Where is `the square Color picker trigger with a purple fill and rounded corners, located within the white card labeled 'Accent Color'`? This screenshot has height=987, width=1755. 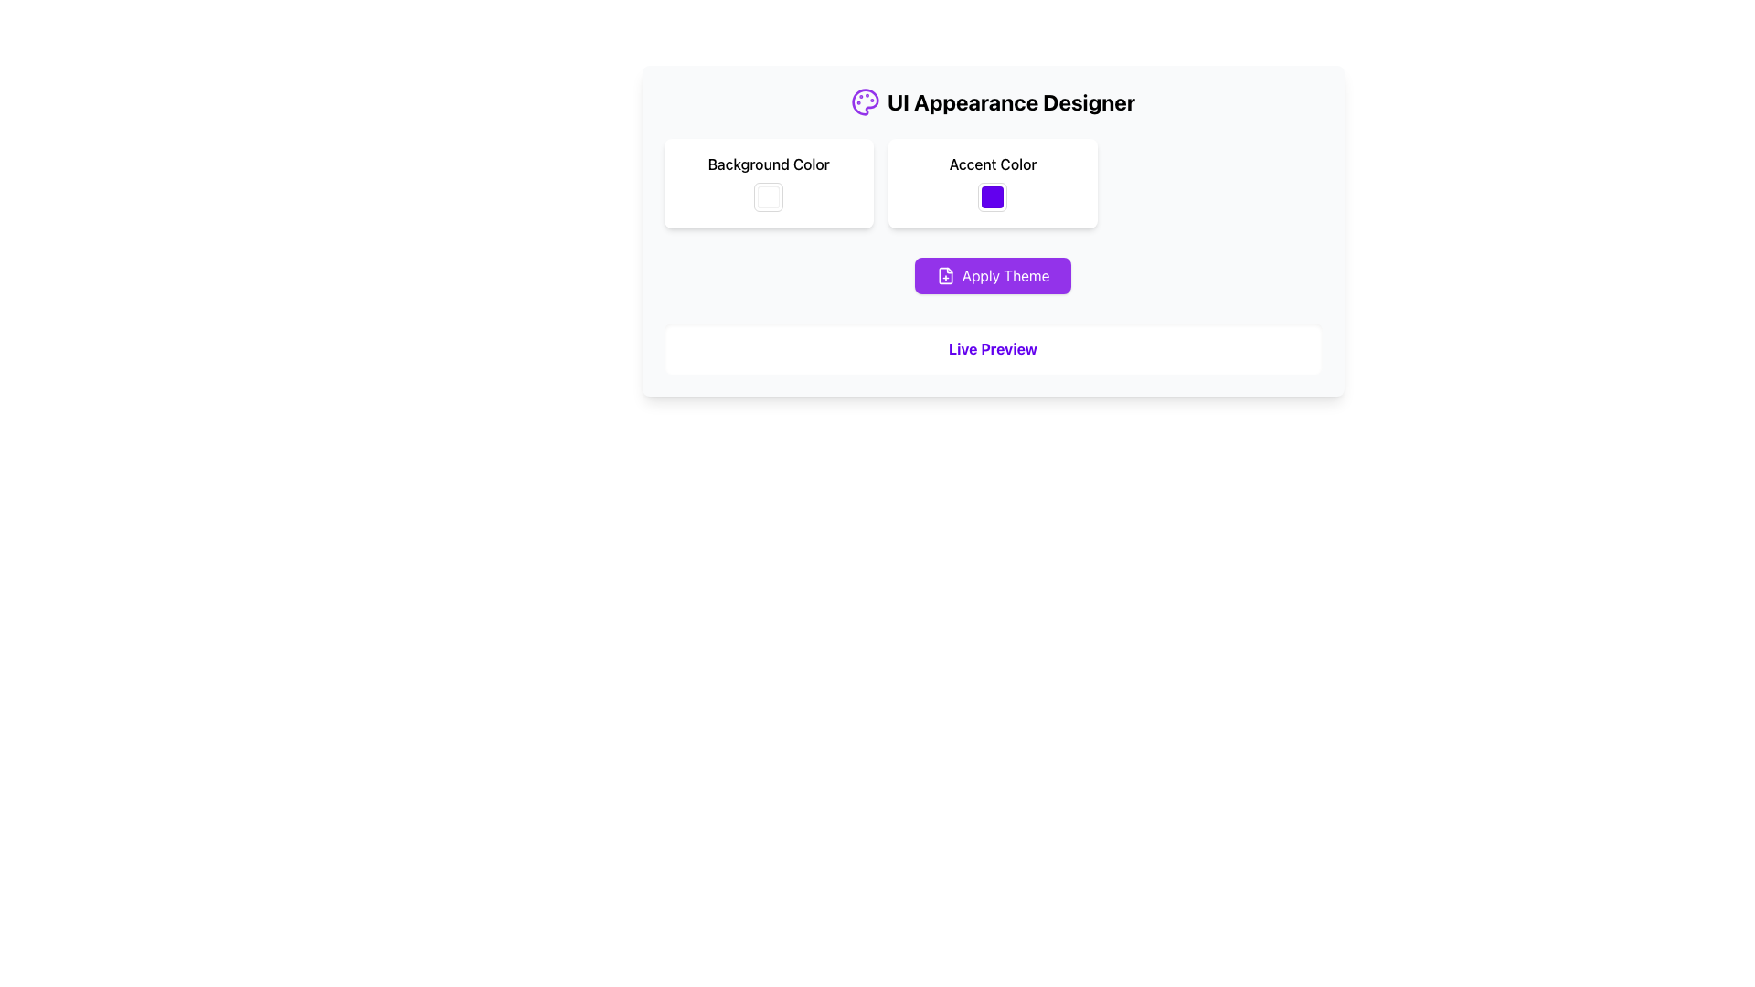
the square Color picker trigger with a purple fill and rounded corners, located within the white card labeled 'Accent Color' is located at coordinates (992, 197).